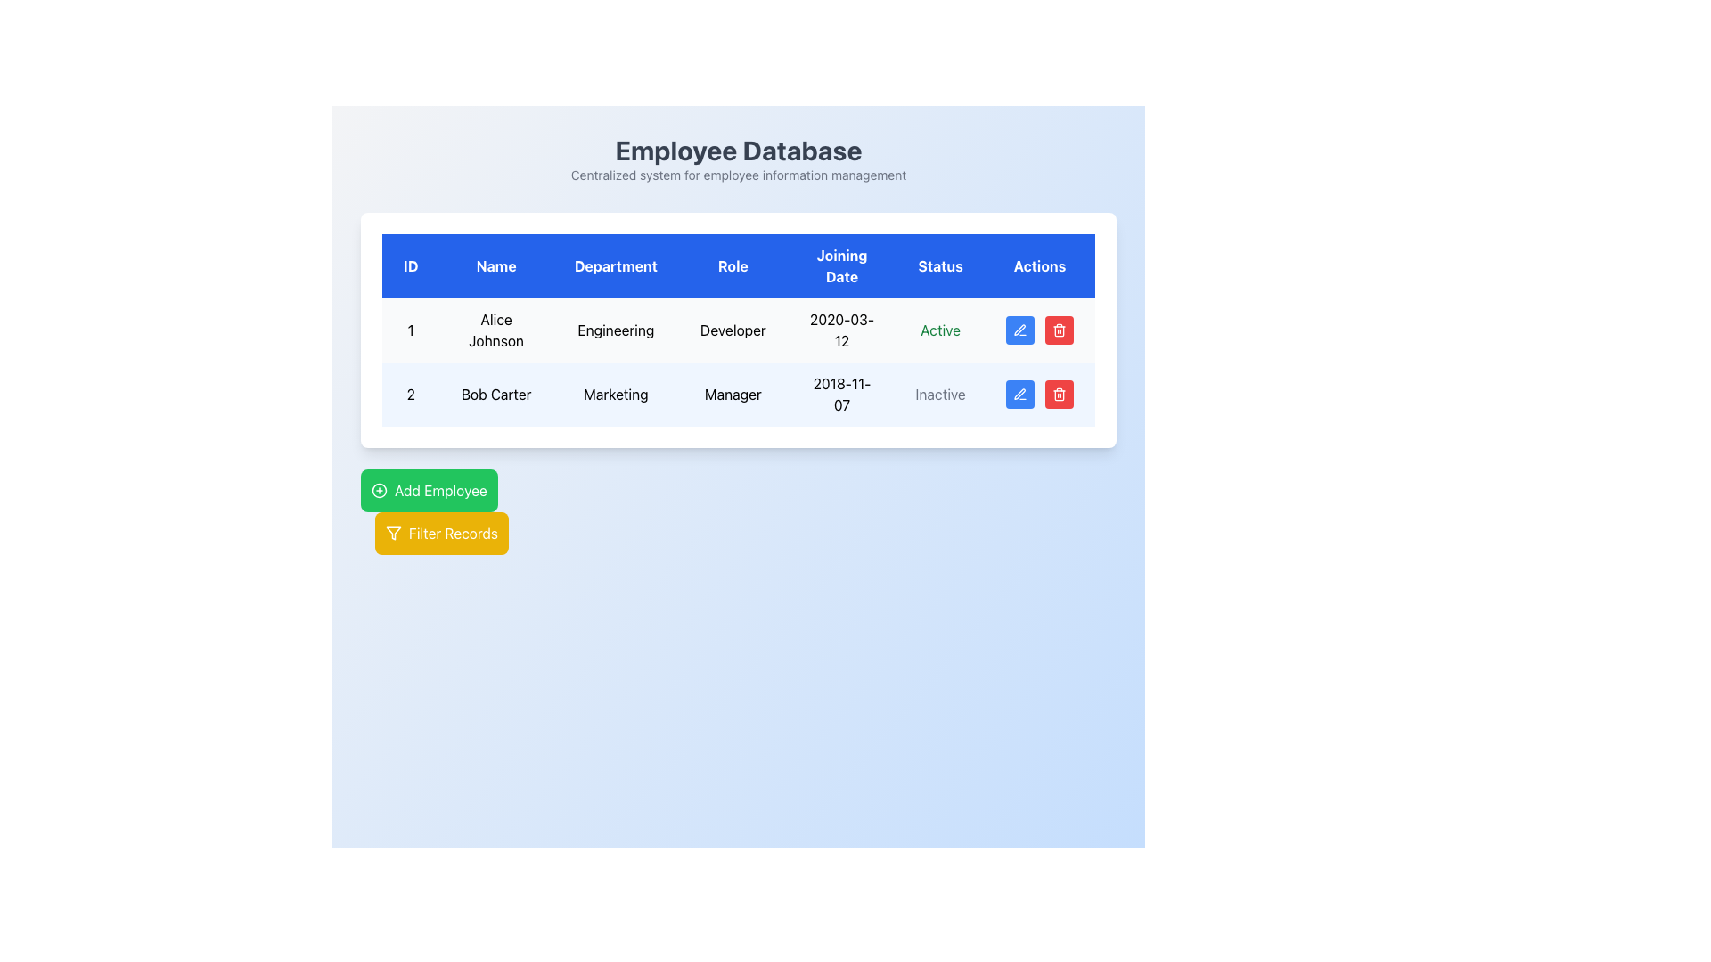 The image size is (1711, 962). I want to click on the Table Header Cell labeled 'Name', which is the second item in the header row of the table, following 'ID' and preceding 'Department', so click(496, 266).